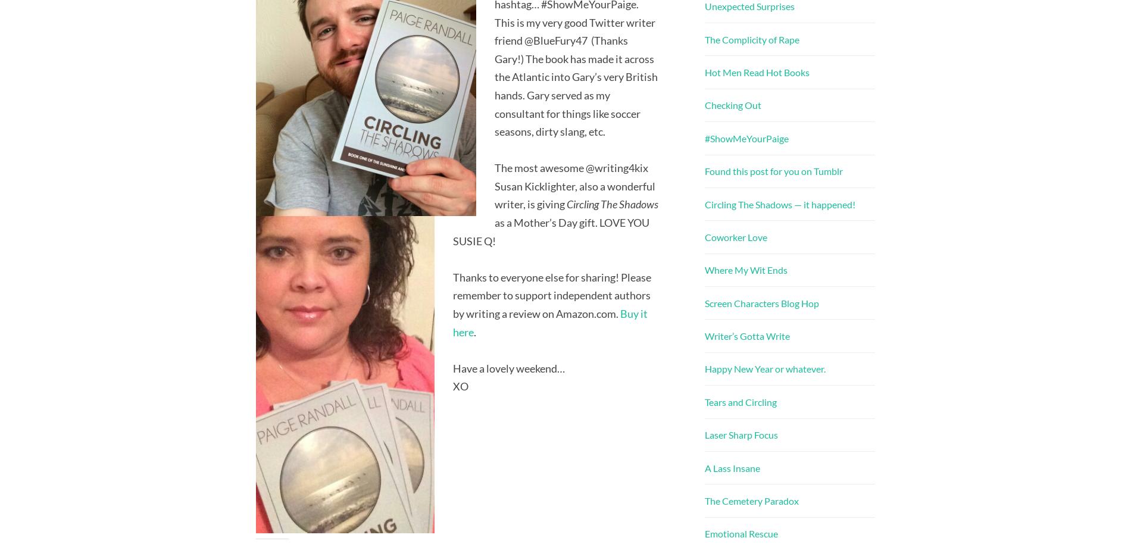 This screenshot has height=544, width=1131. What do you see at coordinates (746, 137) in the screenshot?
I see `'#ShowMeYourPaige'` at bounding box center [746, 137].